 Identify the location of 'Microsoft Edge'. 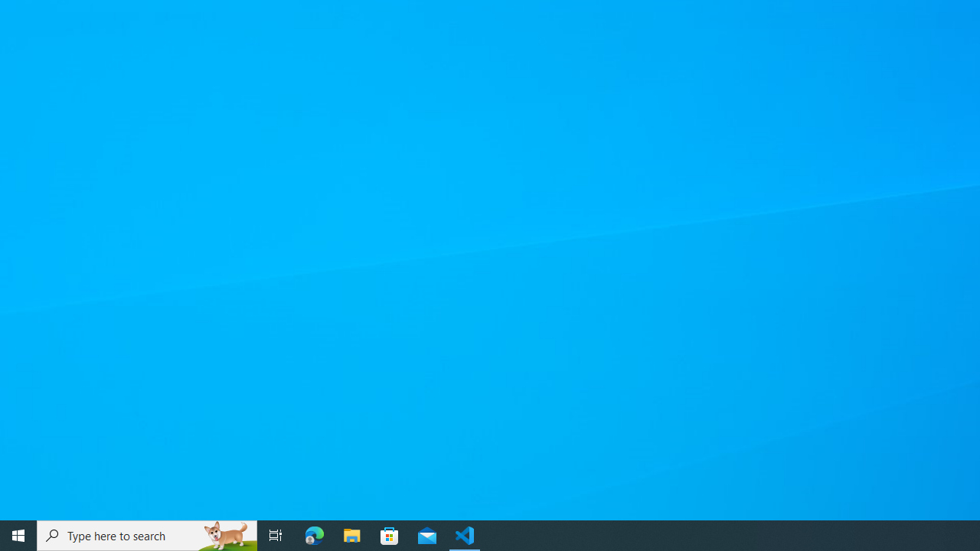
(314, 534).